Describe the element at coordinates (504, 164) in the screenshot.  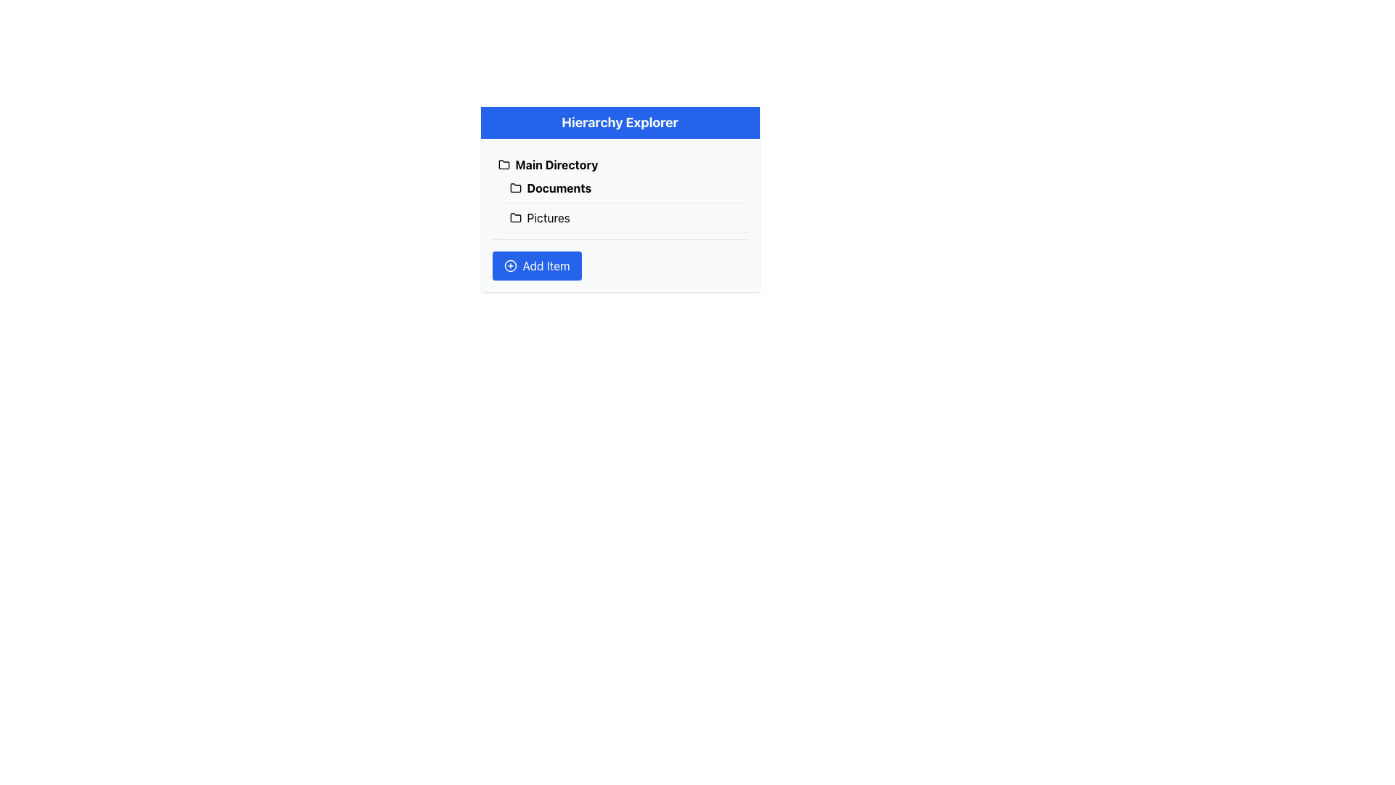
I see `the folder icon representing the 'Main Directory'` at that location.